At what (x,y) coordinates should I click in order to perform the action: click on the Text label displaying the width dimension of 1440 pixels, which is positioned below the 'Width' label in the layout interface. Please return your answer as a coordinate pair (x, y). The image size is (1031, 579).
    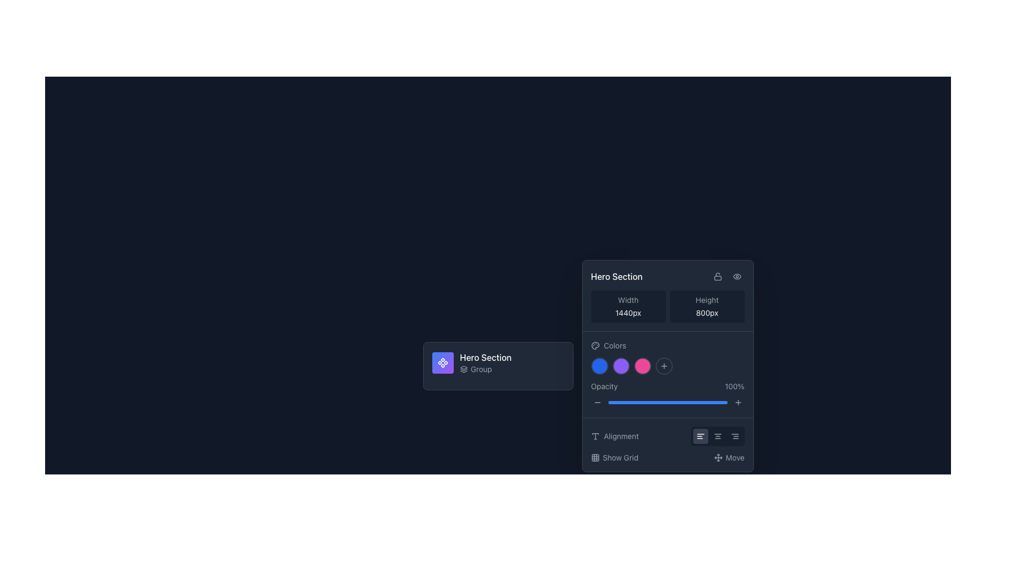
    Looking at the image, I should click on (628, 313).